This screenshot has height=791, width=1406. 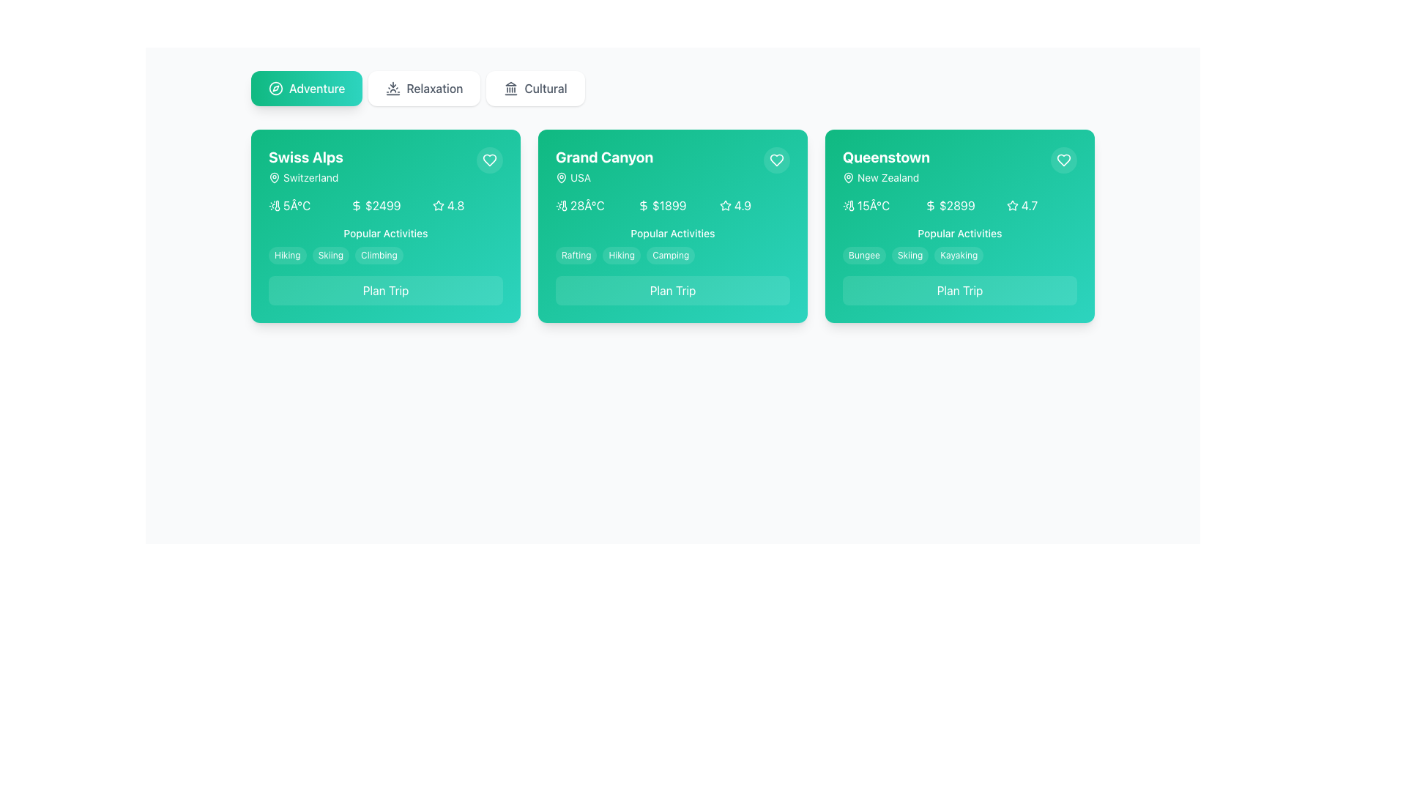 I want to click on the information displayed on the interactive travel card located at the top left corner, which includes details about the destination, temperature, cost, rating, and activities, by clicking on the card, so click(x=386, y=226).